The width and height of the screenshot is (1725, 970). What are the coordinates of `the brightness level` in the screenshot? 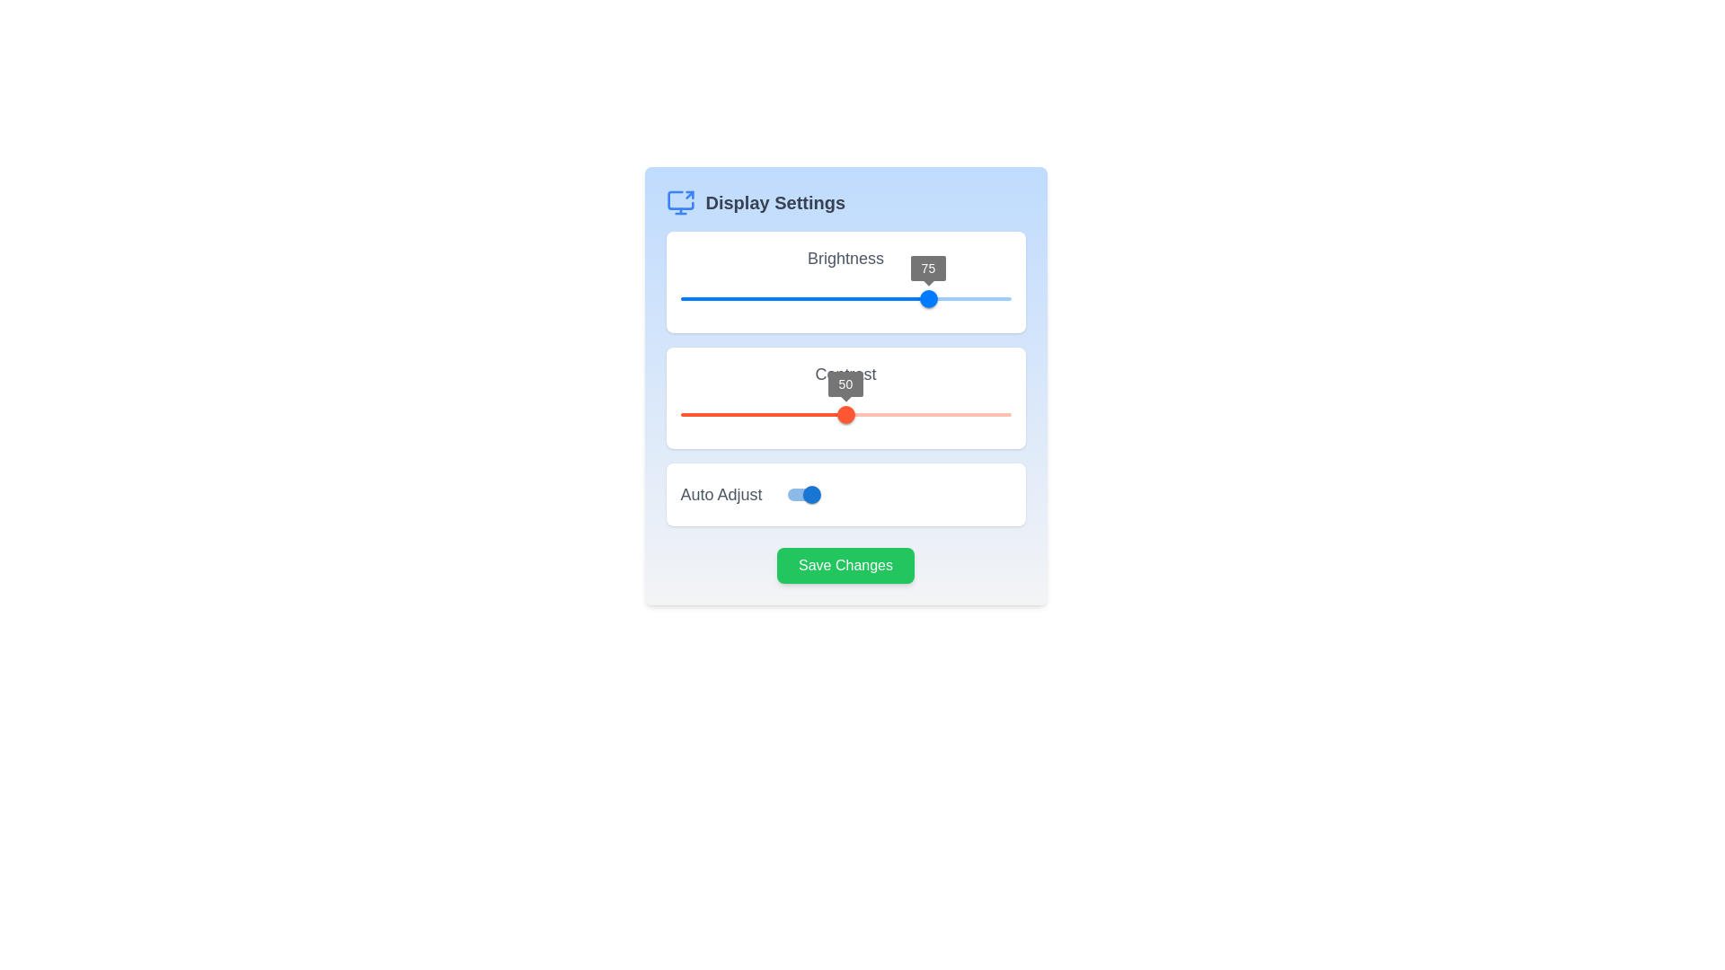 It's located at (712, 297).